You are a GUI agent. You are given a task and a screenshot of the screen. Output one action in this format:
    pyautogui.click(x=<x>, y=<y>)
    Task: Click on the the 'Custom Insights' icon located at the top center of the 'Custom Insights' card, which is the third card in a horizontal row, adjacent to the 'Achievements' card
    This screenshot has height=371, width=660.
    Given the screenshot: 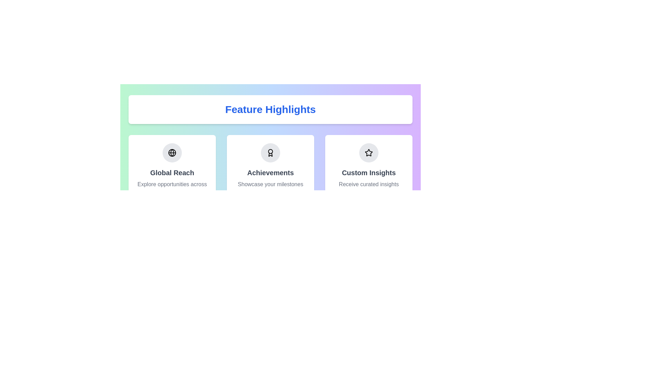 What is the action you would take?
    pyautogui.click(x=368, y=152)
    